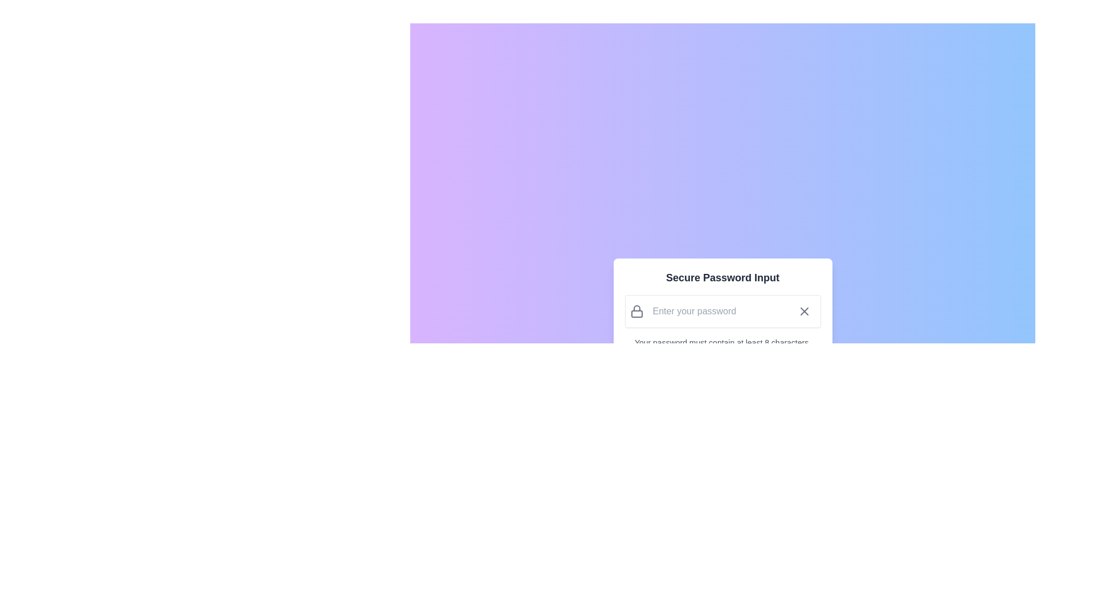 This screenshot has width=1094, height=615. I want to click on the instructional text label that provides guidelines for password requirements, located below the password input field and above the submit button, so click(722, 348).